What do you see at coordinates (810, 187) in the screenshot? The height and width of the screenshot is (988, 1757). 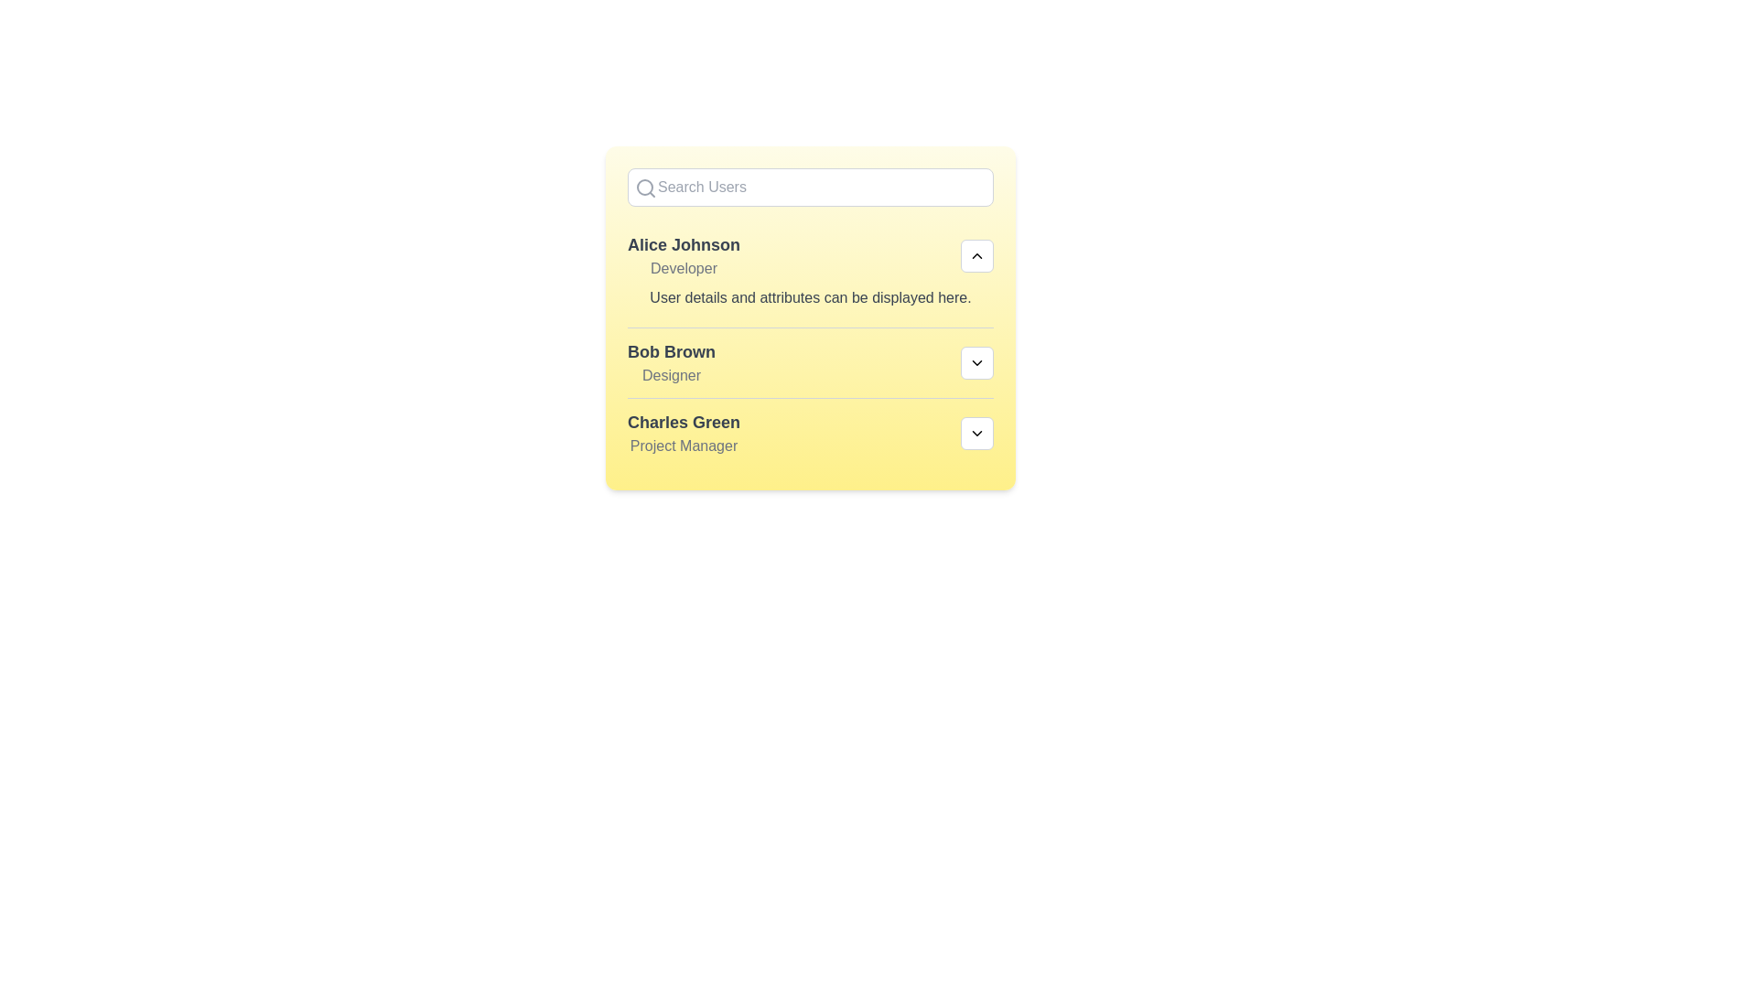 I see `the search input field and type 'Alice'` at bounding box center [810, 187].